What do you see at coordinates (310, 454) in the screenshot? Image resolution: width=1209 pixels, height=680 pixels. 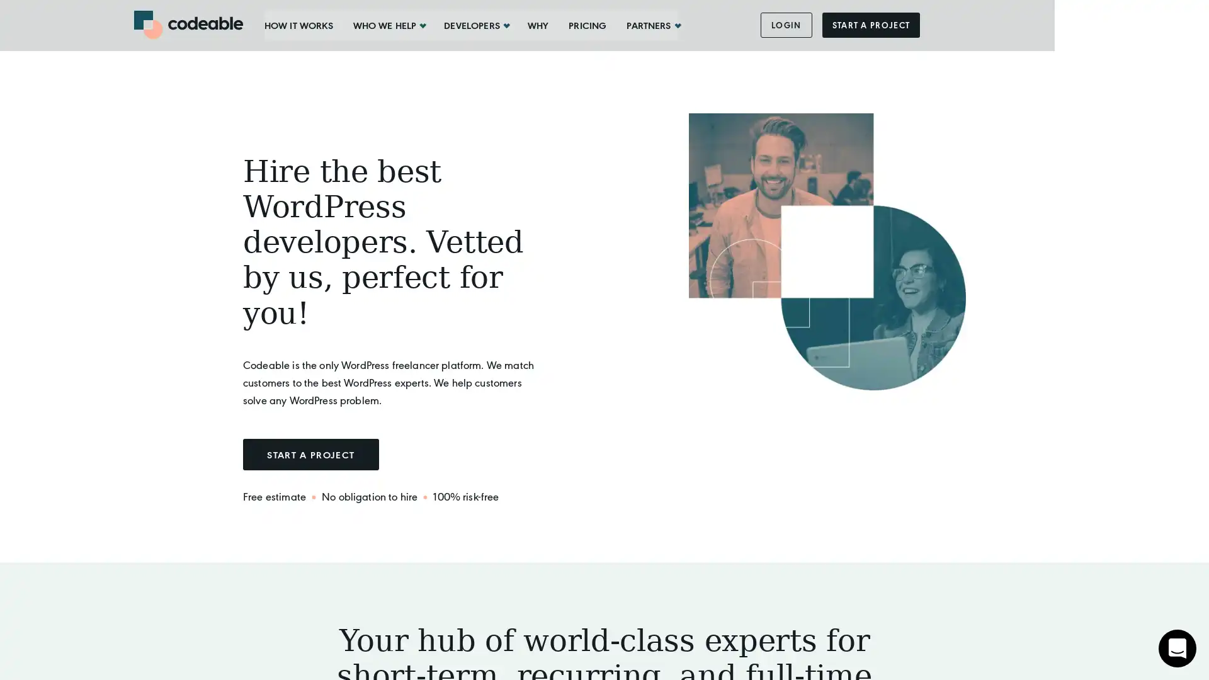 I see `START A PROJECT` at bounding box center [310, 454].